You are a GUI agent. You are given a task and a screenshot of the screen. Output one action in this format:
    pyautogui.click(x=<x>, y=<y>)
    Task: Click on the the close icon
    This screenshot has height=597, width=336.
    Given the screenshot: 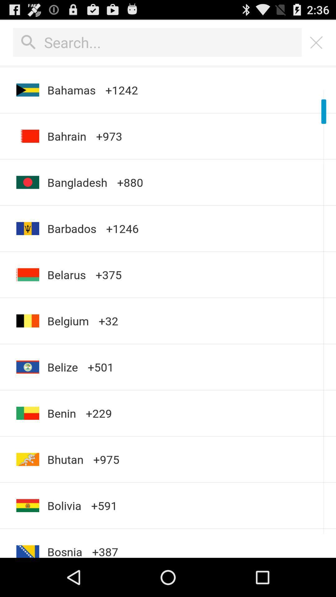 What is the action you would take?
    pyautogui.click(x=316, y=45)
    